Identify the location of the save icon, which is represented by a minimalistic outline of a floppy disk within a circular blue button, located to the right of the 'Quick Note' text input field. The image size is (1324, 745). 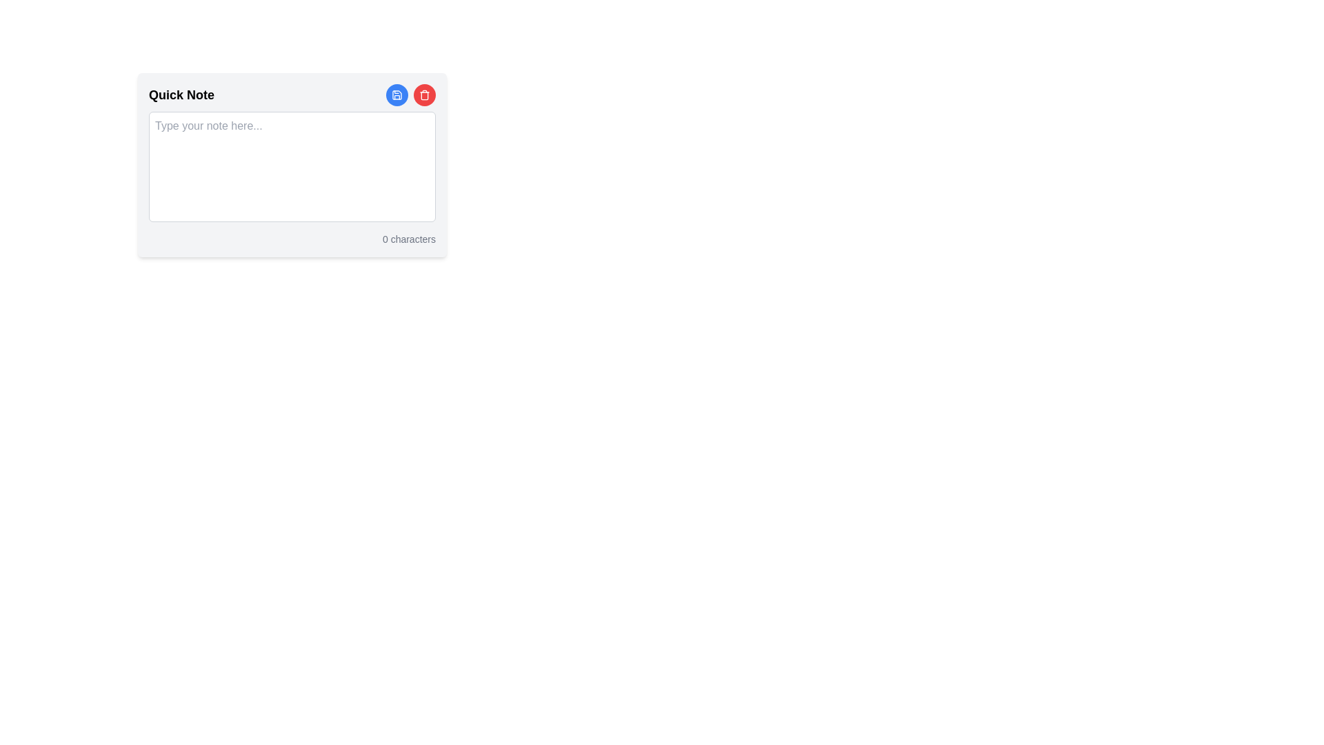
(397, 95).